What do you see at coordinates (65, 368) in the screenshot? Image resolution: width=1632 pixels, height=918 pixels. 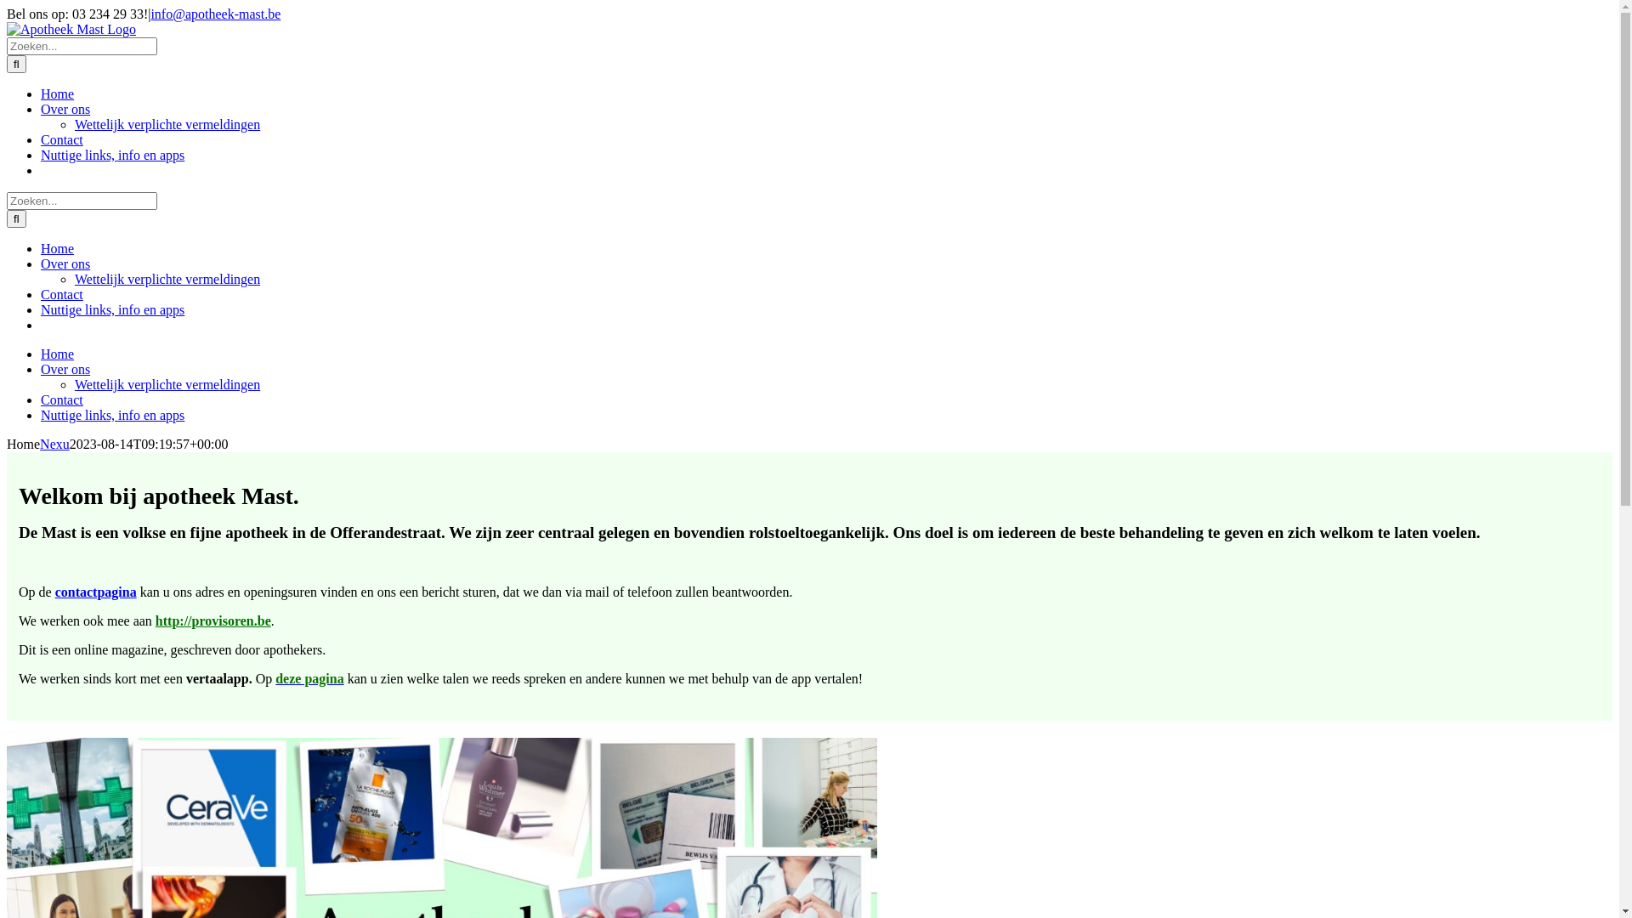 I see `'Over ons'` at bounding box center [65, 368].